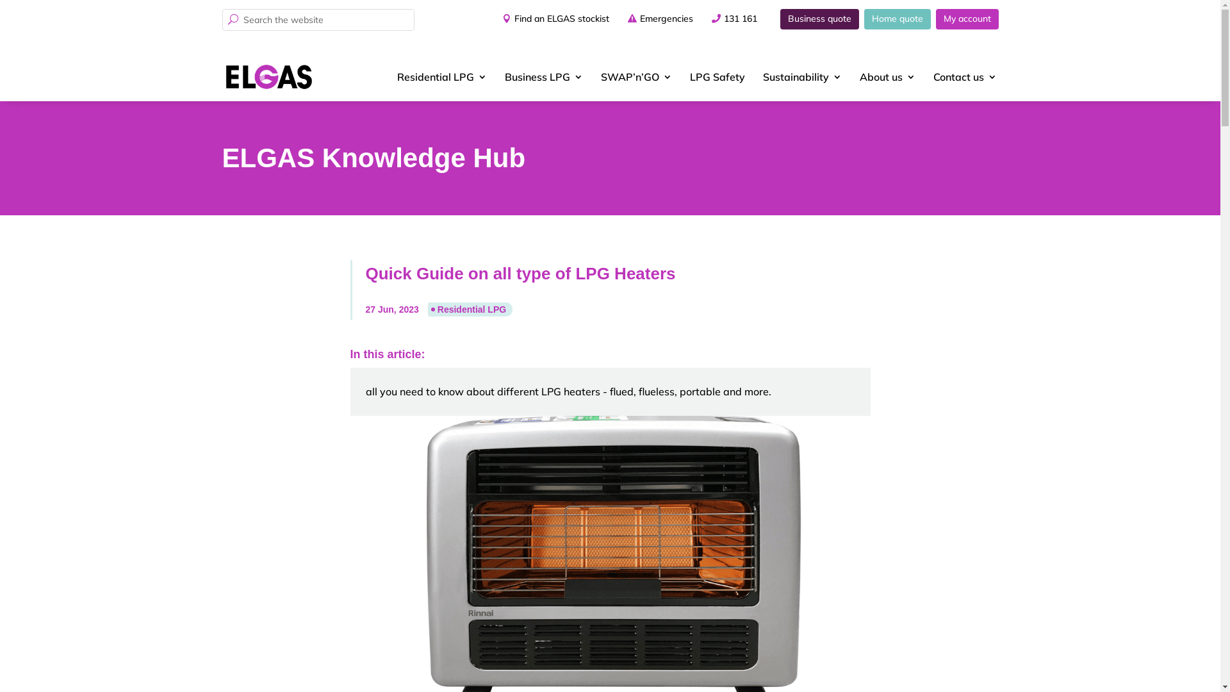 The image size is (1230, 692). I want to click on 'Find an ELGAS stockist', so click(551, 19).